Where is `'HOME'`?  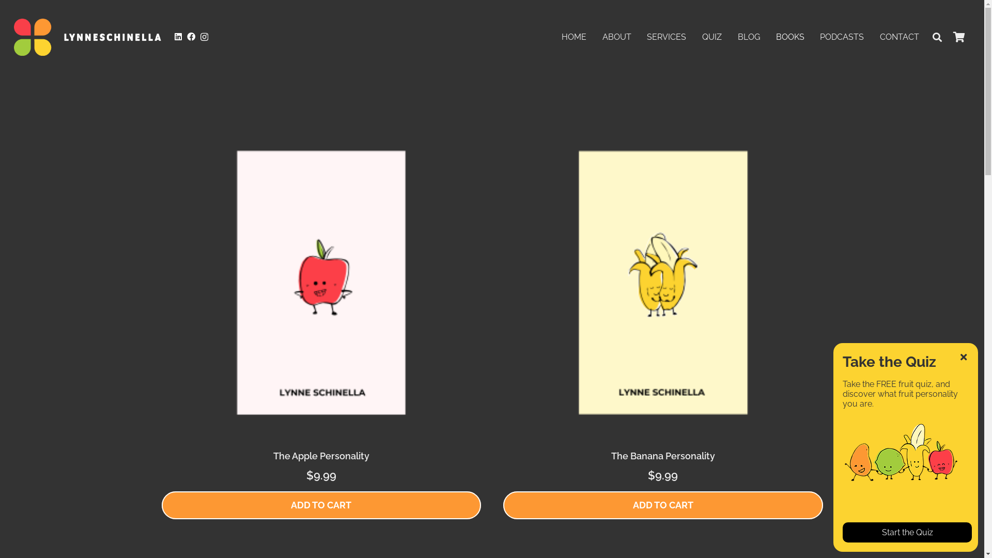 'HOME' is located at coordinates (574, 37).